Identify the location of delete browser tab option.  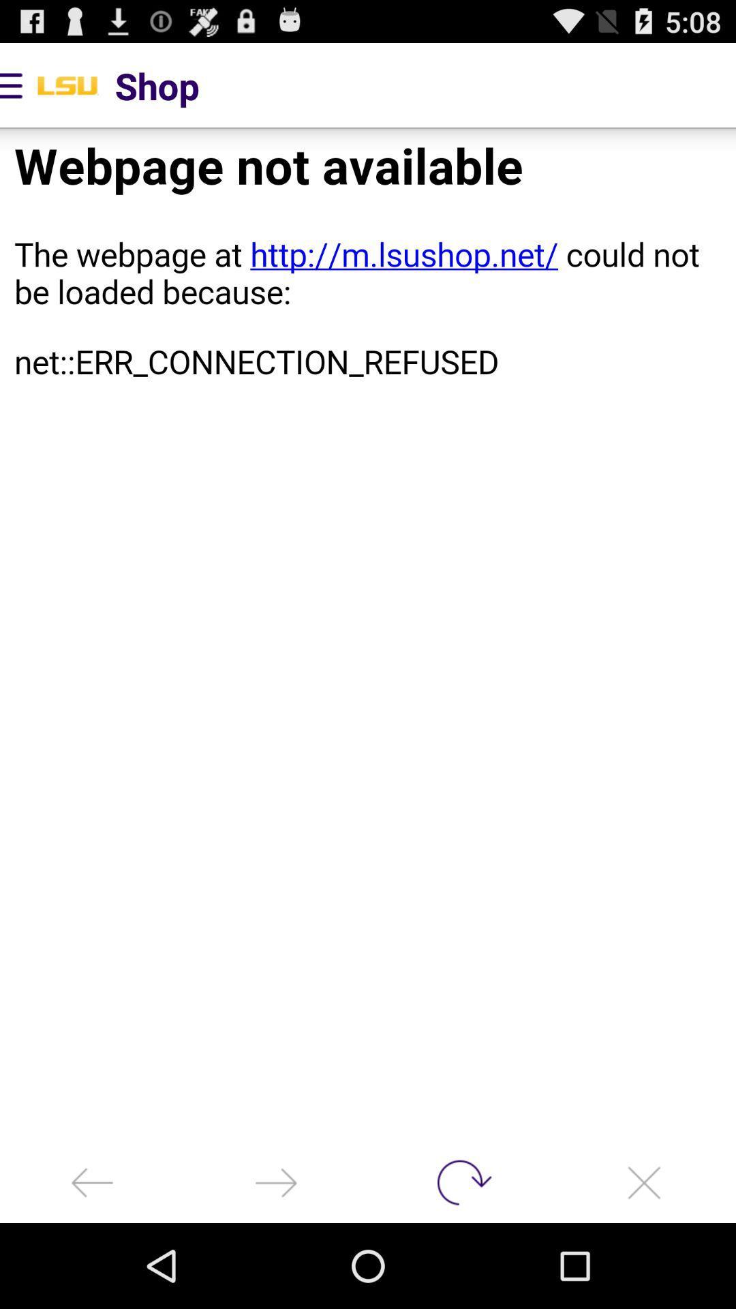
(644, 1182).